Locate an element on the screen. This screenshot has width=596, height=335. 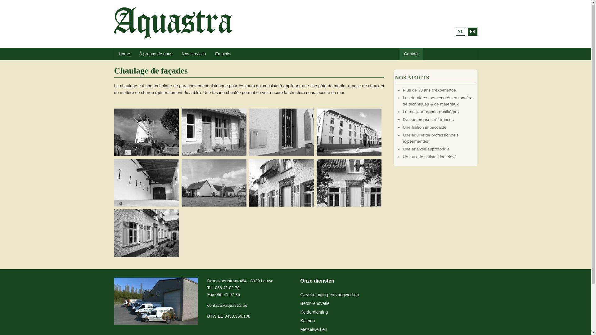
'Gevelreiniging en voegwerken' is located at coordinates (300, 295).